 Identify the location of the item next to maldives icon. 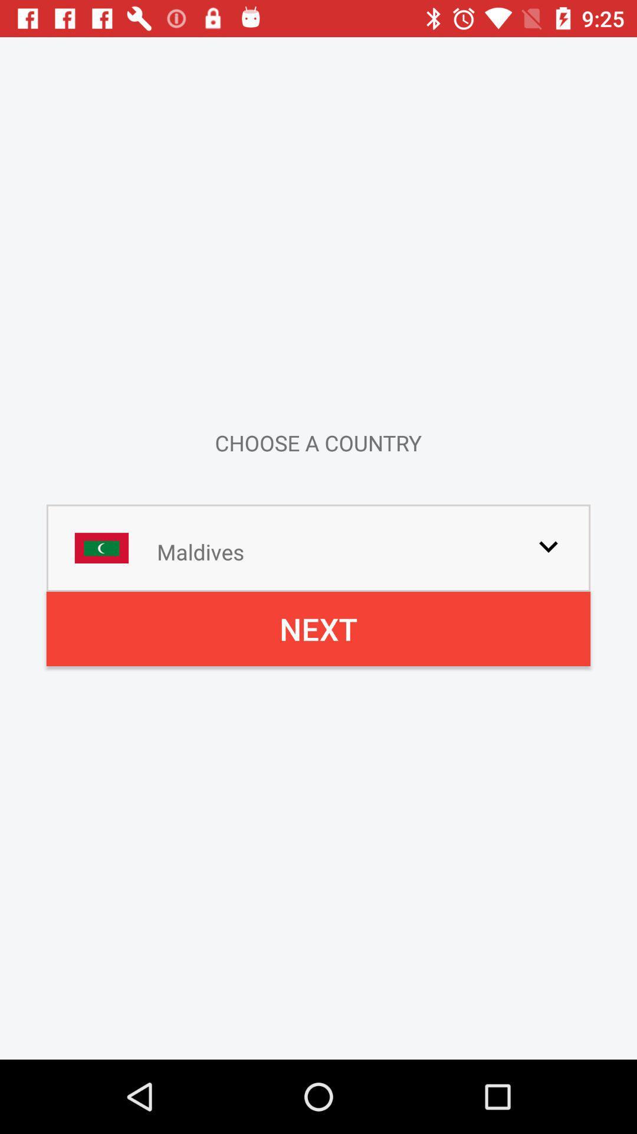
(548, 546).